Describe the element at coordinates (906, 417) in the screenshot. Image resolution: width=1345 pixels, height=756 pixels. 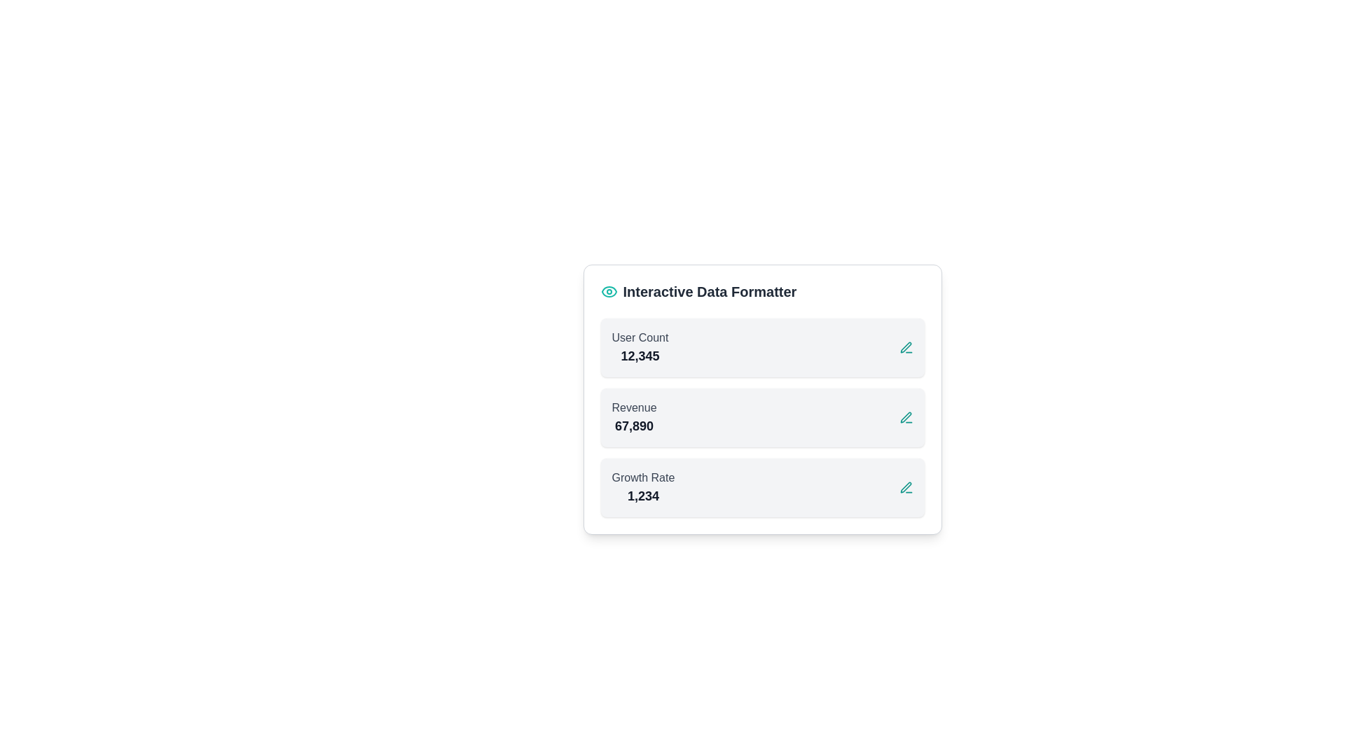
I see `the edit icon button located in the top-right corner of the 'Revenue' card, next to the text value '67,890'` at that location.